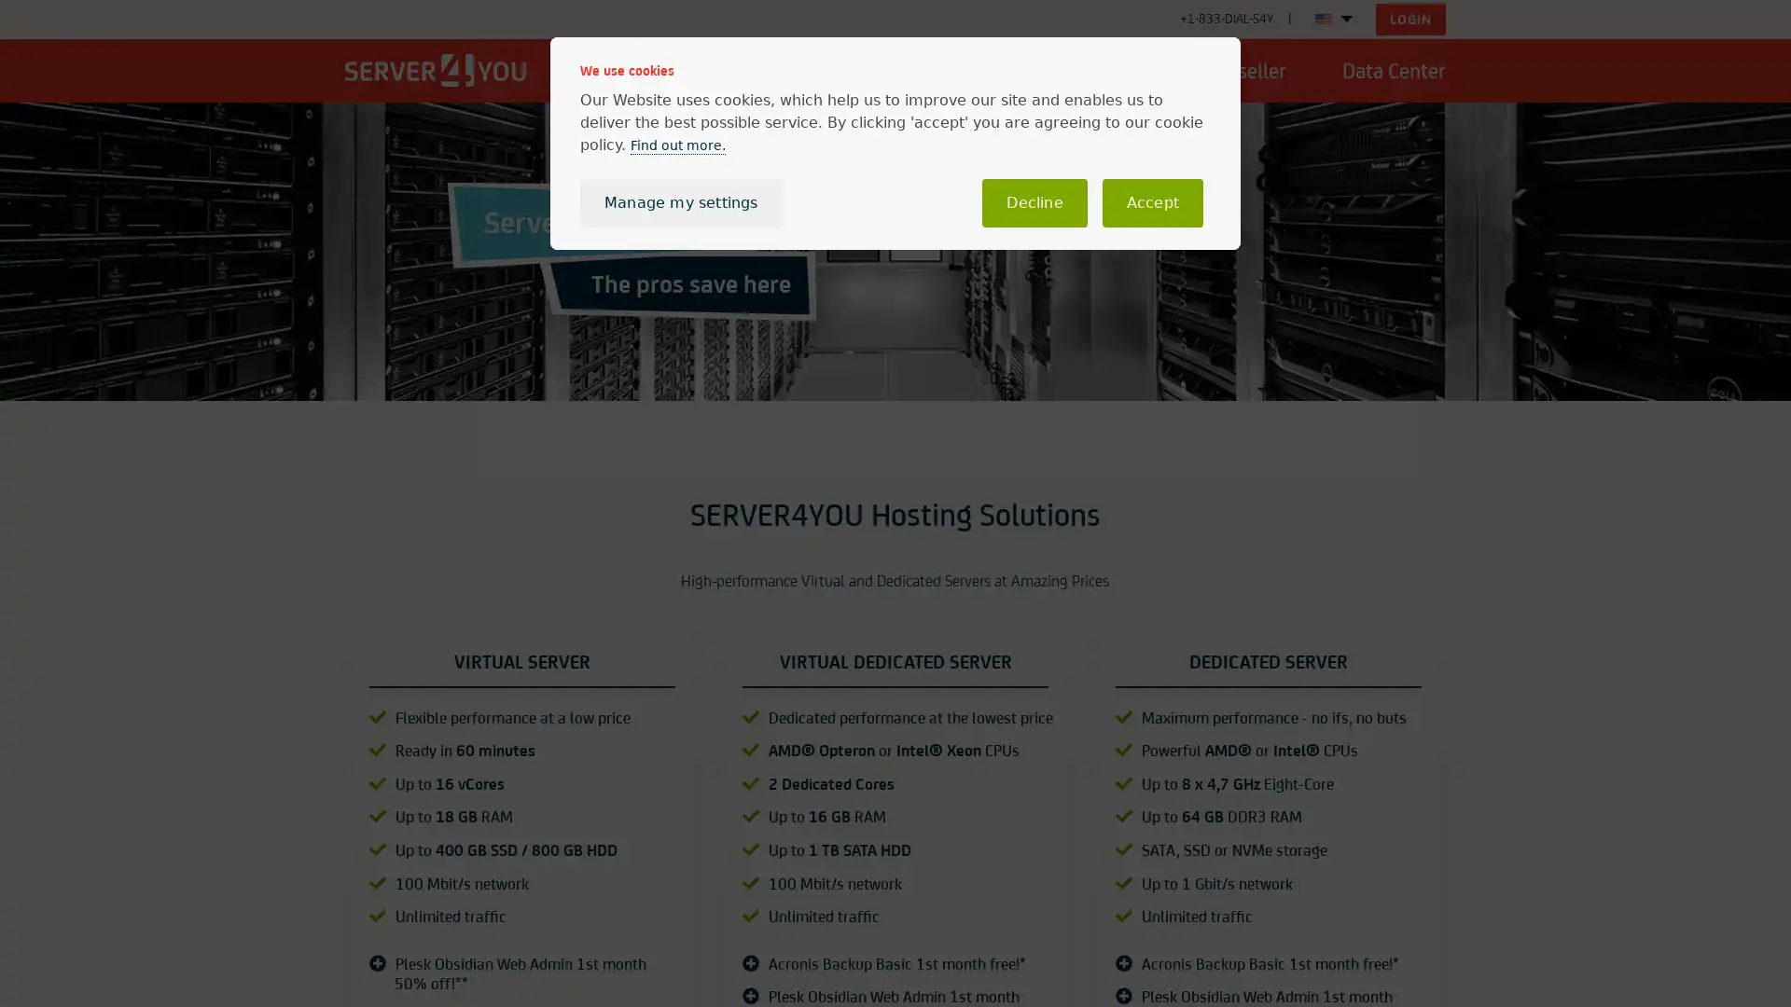 Image resolution: width=1791 pixels, height=1007 pixels. Describe the element at coordinates (679, 203) in the screenshot. I see `Manage my settings` at that location.